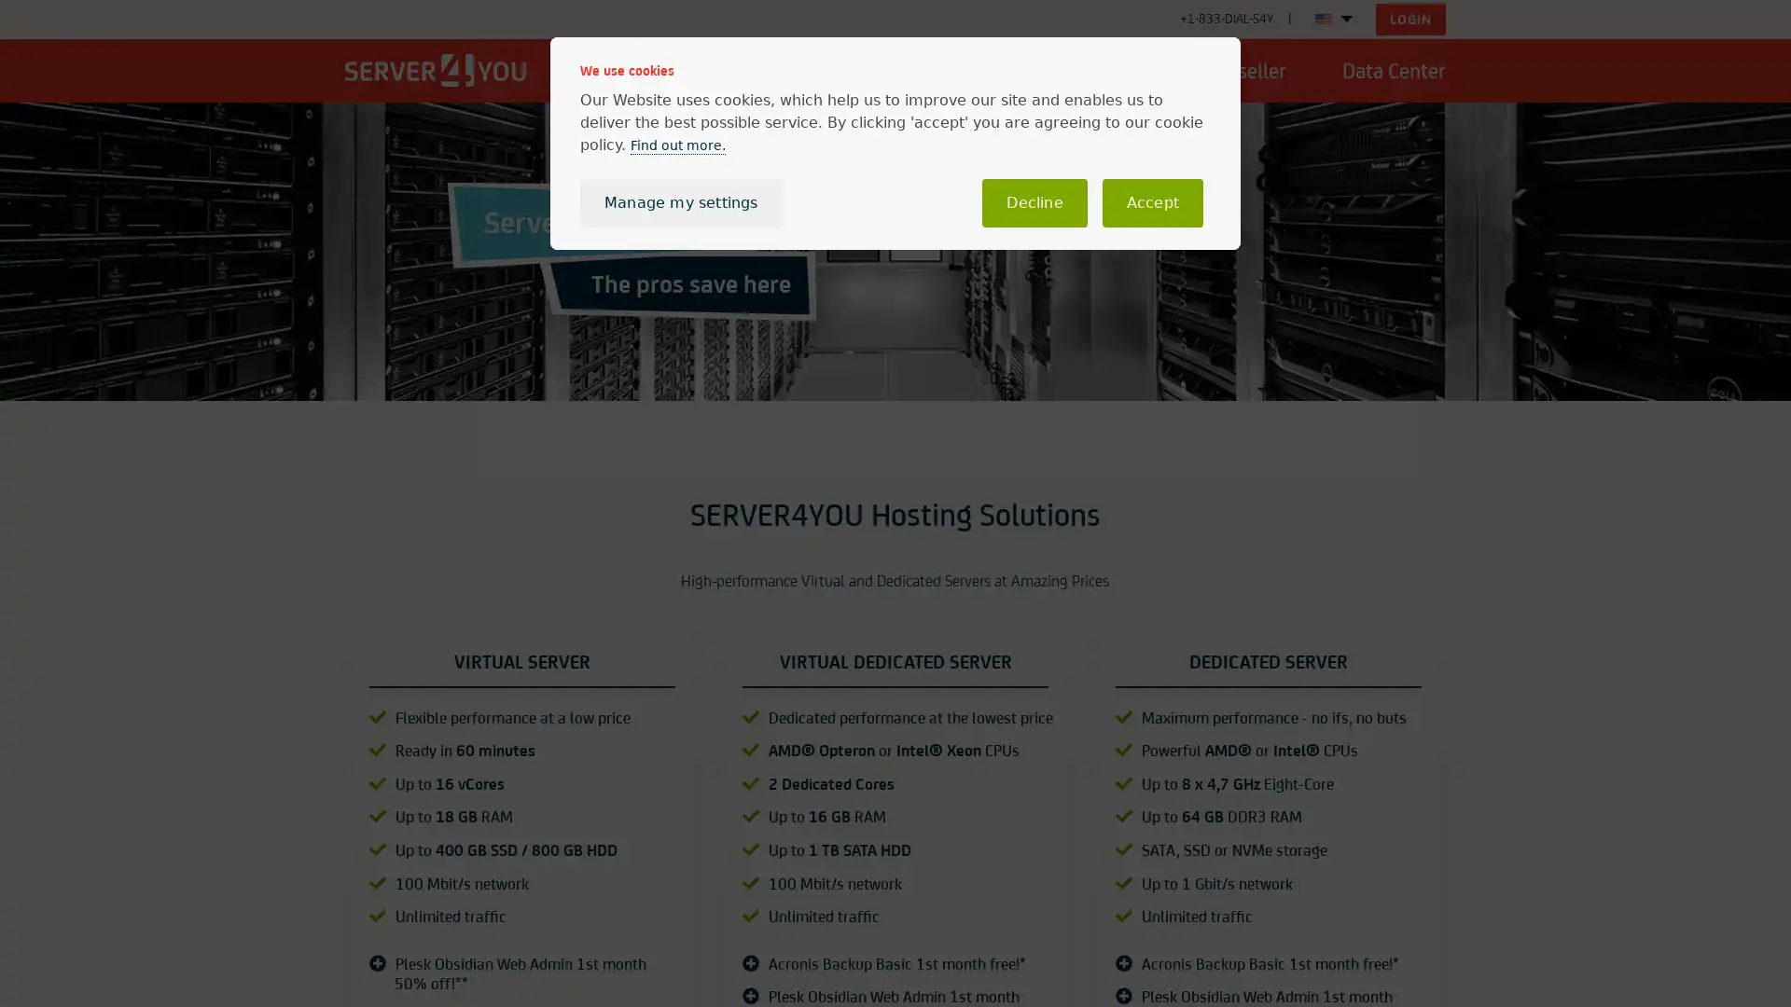 Image resolution: width=1791 pixels, height=1007 pixels. Describe the element at coordinates (679, 203) in the screenshot. I see `Manage my settings` at that location.